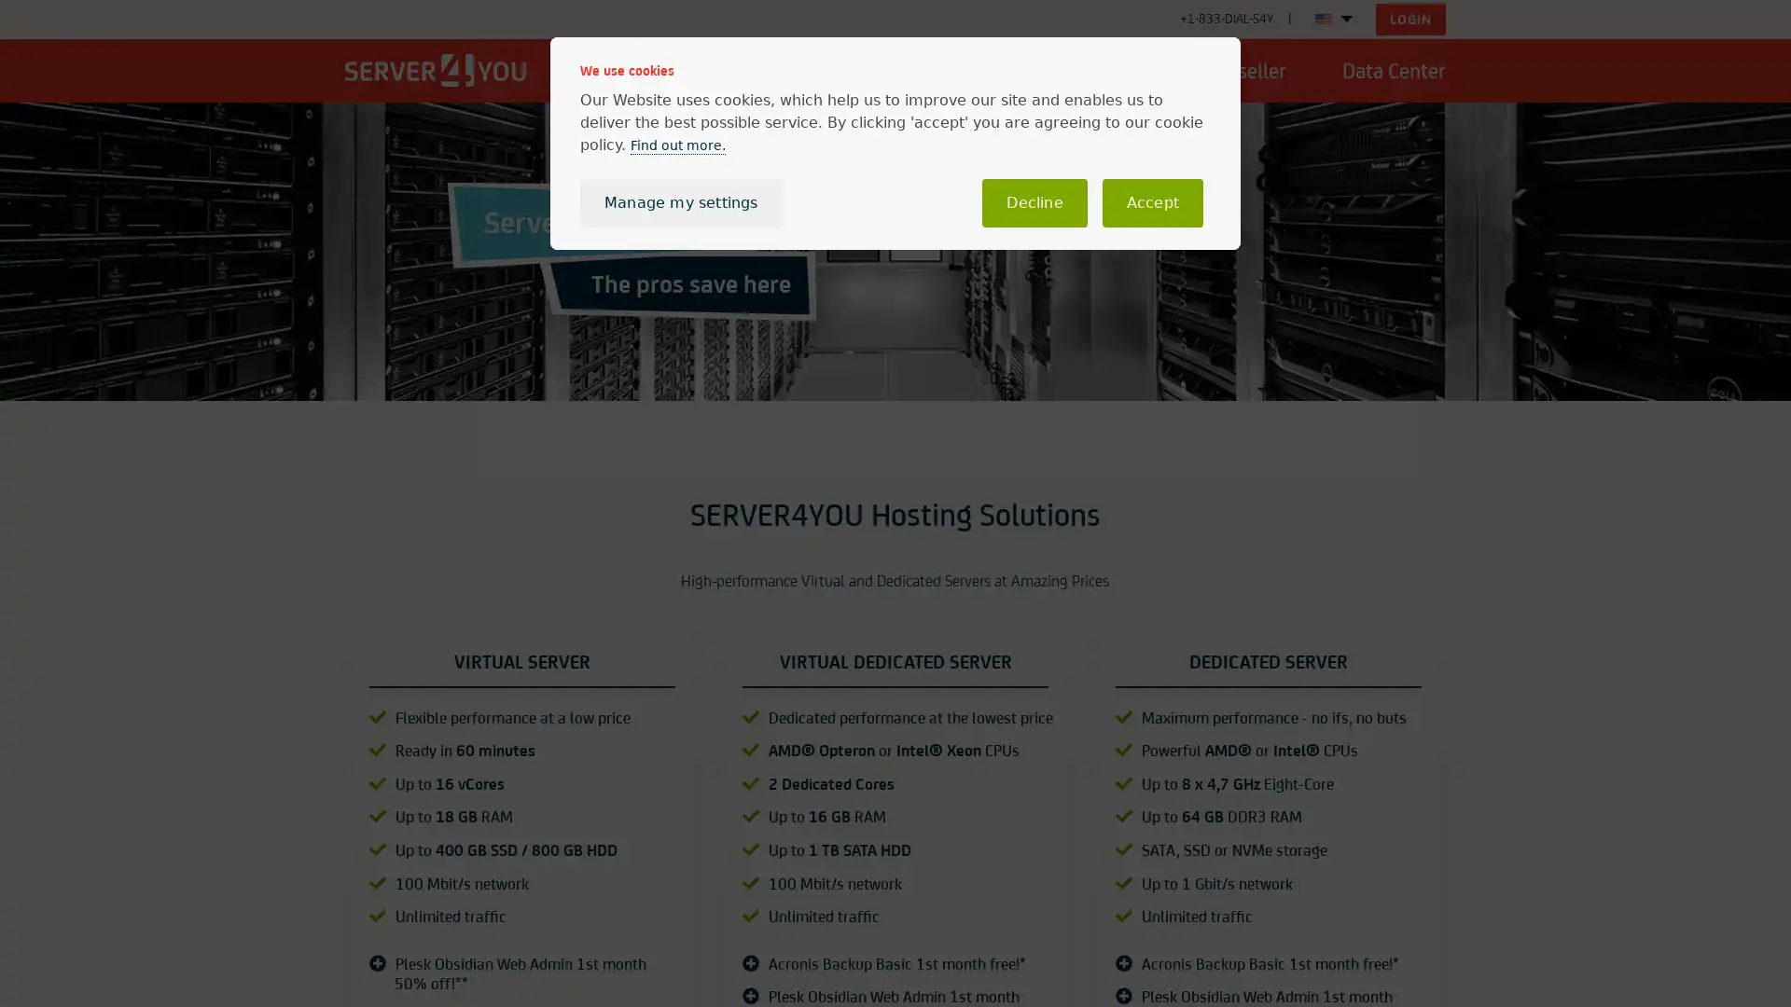 Image resolution: width=1791 pixels, height=1007 pixels. Describe the element at coordinates (679, 203) in the screenshot. I see `Manage my settings` at that location.